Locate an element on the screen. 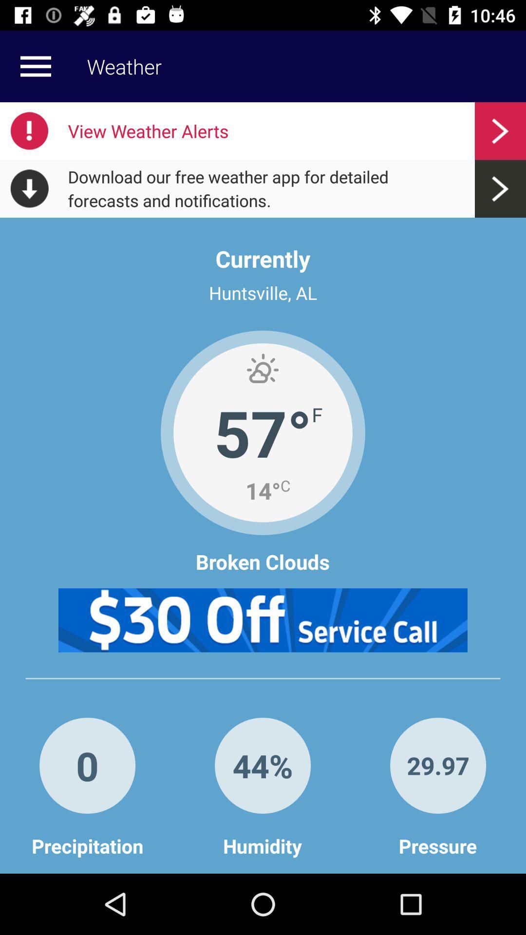 This screenshot has height=935, width=526. open advertisement is located at coordinates (263, 619).